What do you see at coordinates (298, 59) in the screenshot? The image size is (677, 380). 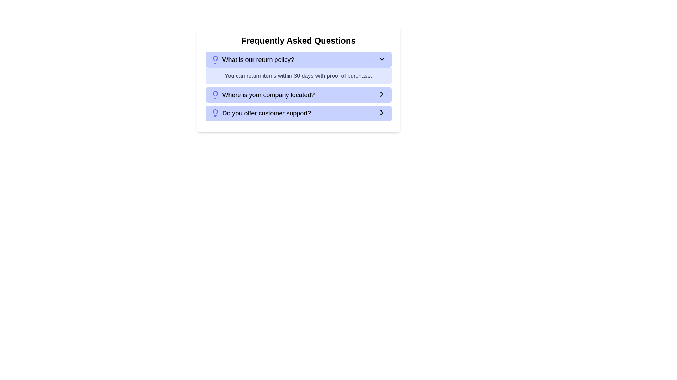 I see `the first collapsible question item in the FAQ list` at bounding box center [298, 59].